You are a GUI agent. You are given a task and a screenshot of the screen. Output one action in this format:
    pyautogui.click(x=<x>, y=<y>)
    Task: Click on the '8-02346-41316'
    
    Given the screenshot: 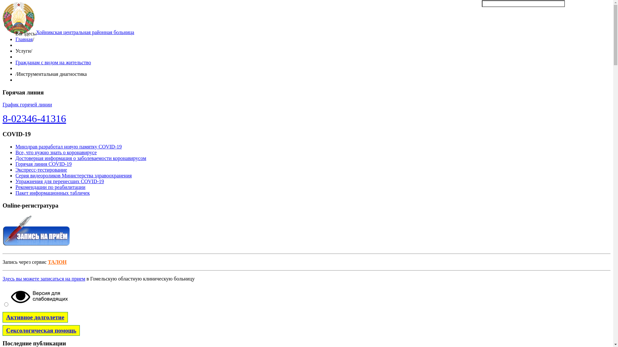 What is the action you would take?
    pyautogui.click(x=34, y=119)
    